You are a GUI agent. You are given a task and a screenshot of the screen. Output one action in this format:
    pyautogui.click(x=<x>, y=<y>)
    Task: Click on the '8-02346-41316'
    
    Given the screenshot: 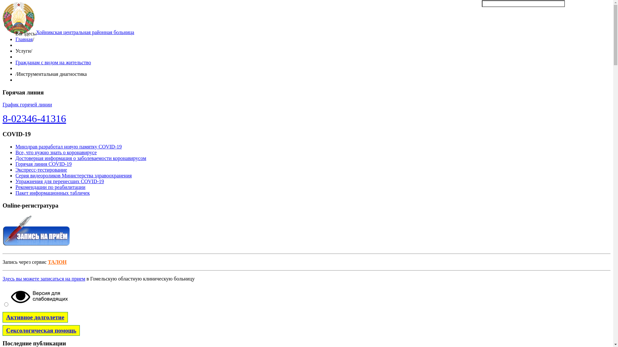 What is the action you would take?
    pyautogui.click(x=34, y=119)
    